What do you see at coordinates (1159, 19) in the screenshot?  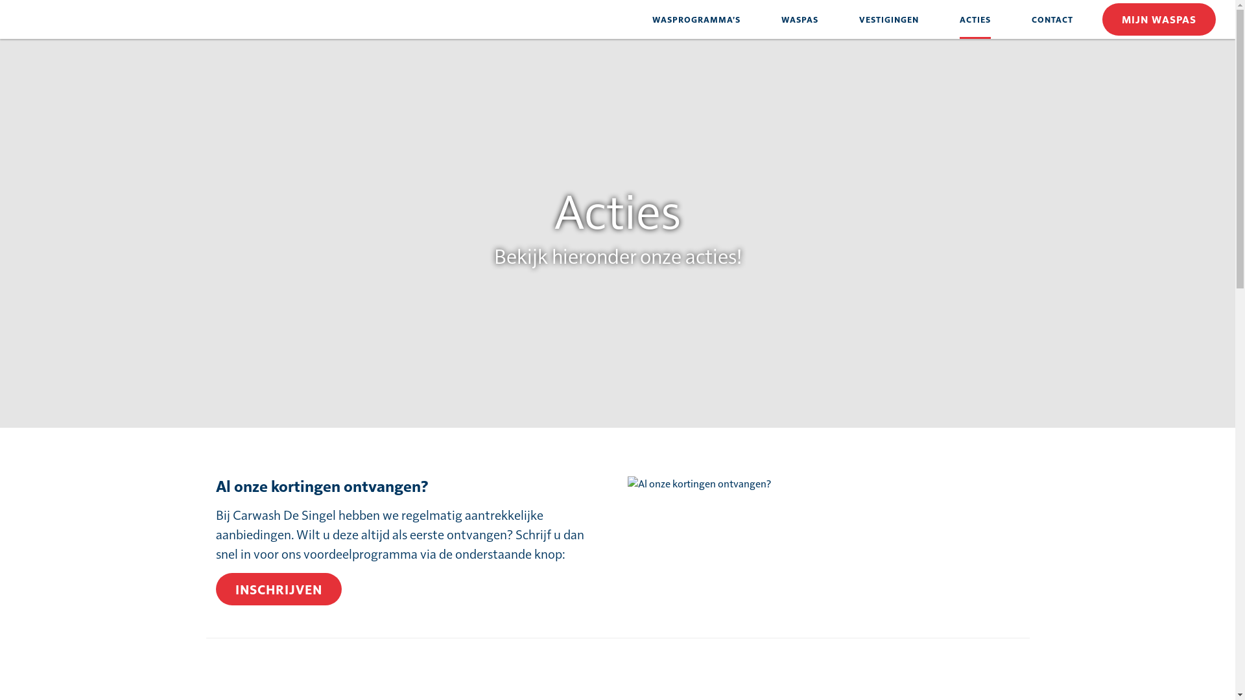 I see `'MIJN WASPAS'` at bounding box center [1159, 19].